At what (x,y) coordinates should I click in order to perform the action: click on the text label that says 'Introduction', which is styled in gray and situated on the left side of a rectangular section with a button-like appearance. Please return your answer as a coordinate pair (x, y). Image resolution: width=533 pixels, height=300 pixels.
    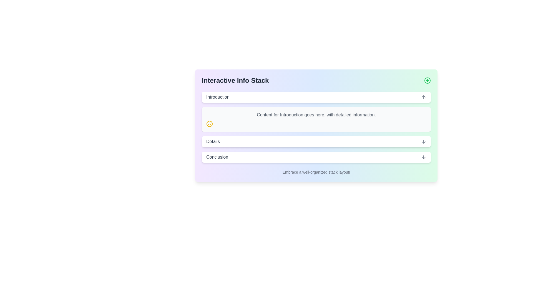
    Looking at the image, I should click on (217, 97).